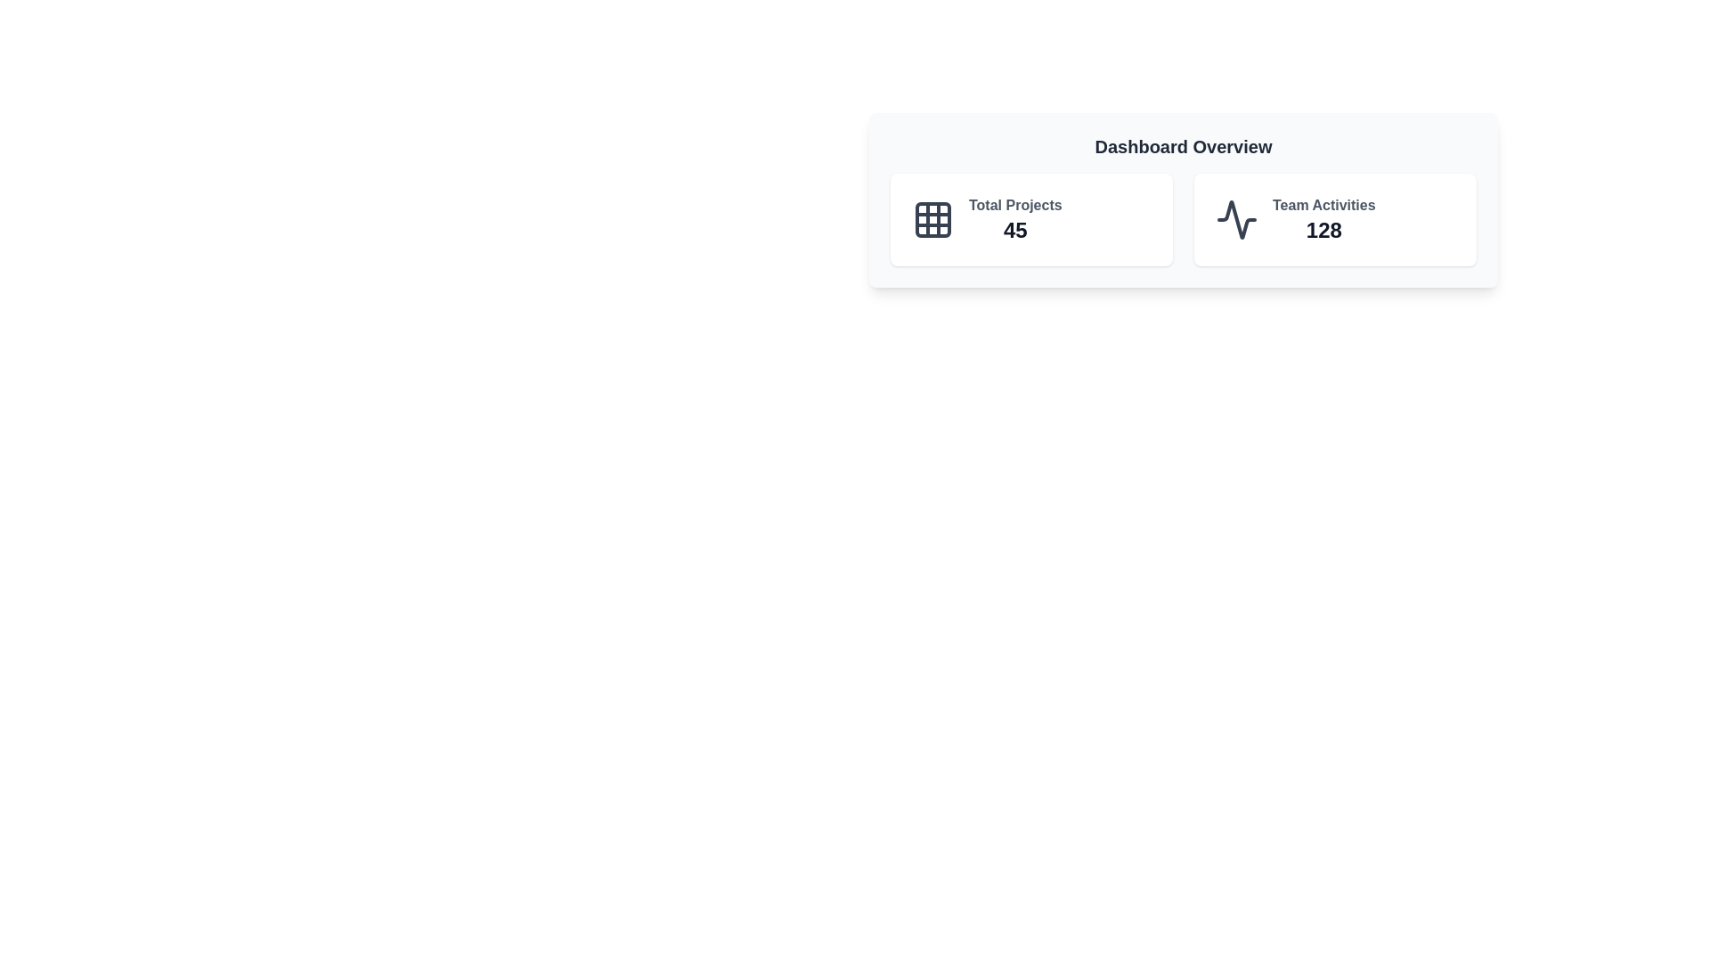 This screenshot has width=1710, height=962. Describe the element at coordinates (1015, 229) in the screenshot. I see `the bold numerical value '45' displayed under the label 'Total Projects' in the Dashboard Overview card on the left side of the two-card group` at that location.